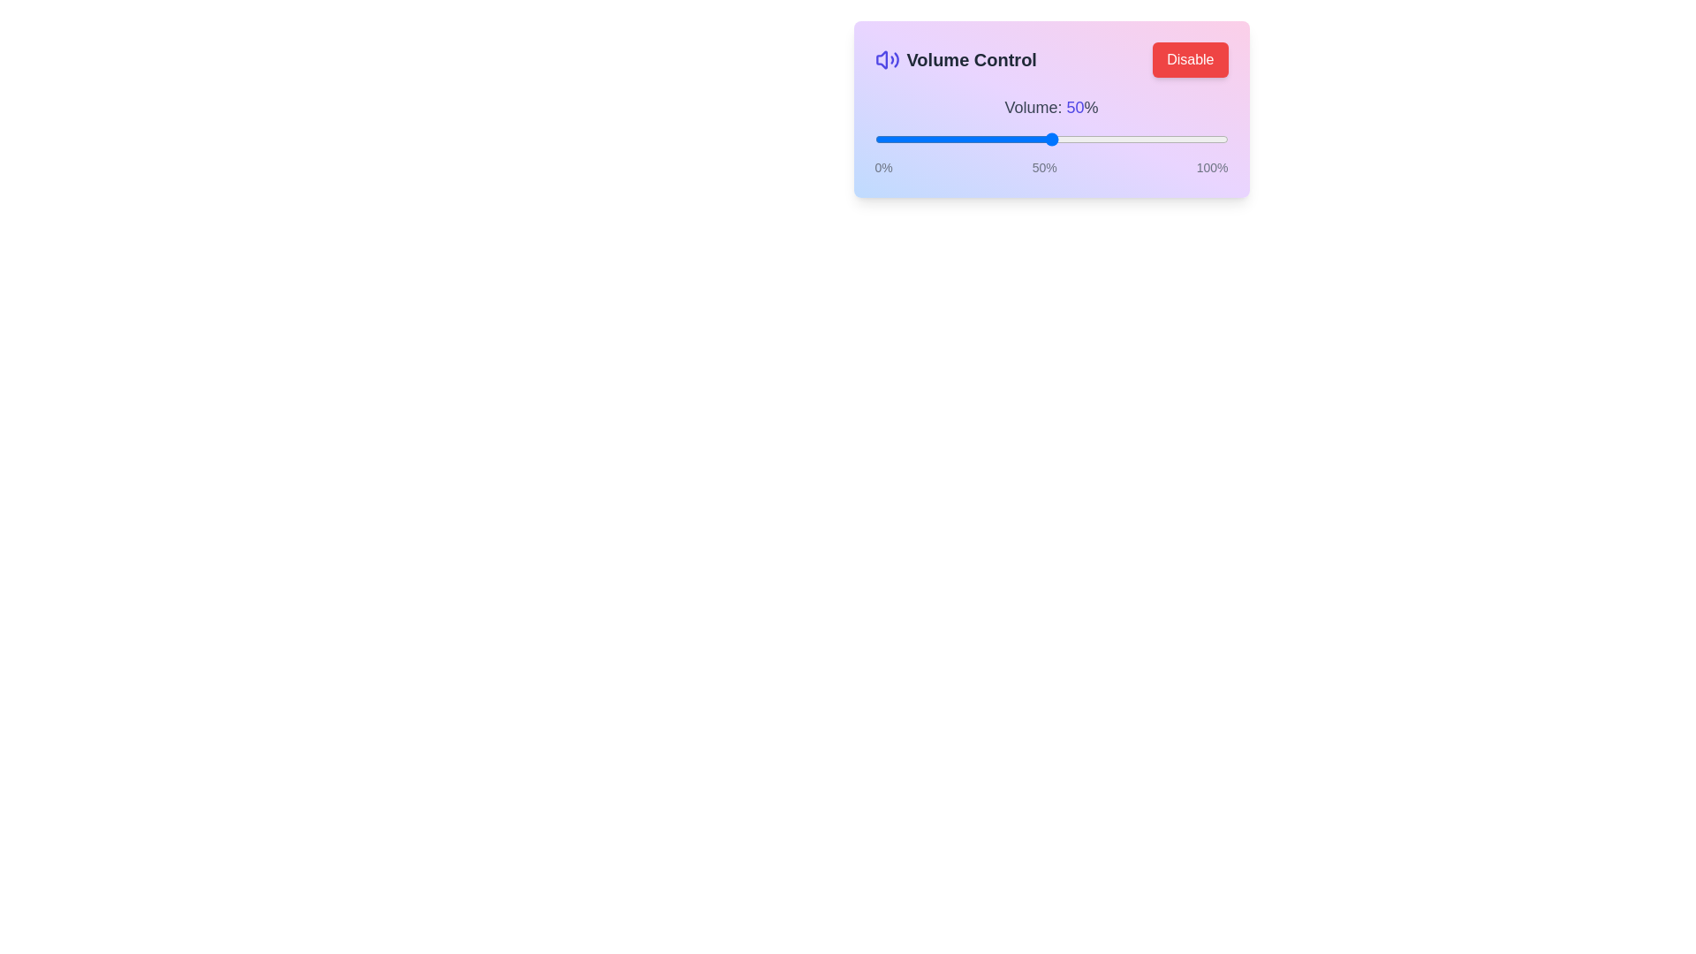 The image size is (1696, 954). What do you see at coordinates (955, 139) in the screenshot?
I see `the volume` at bounding box center [955, 139].